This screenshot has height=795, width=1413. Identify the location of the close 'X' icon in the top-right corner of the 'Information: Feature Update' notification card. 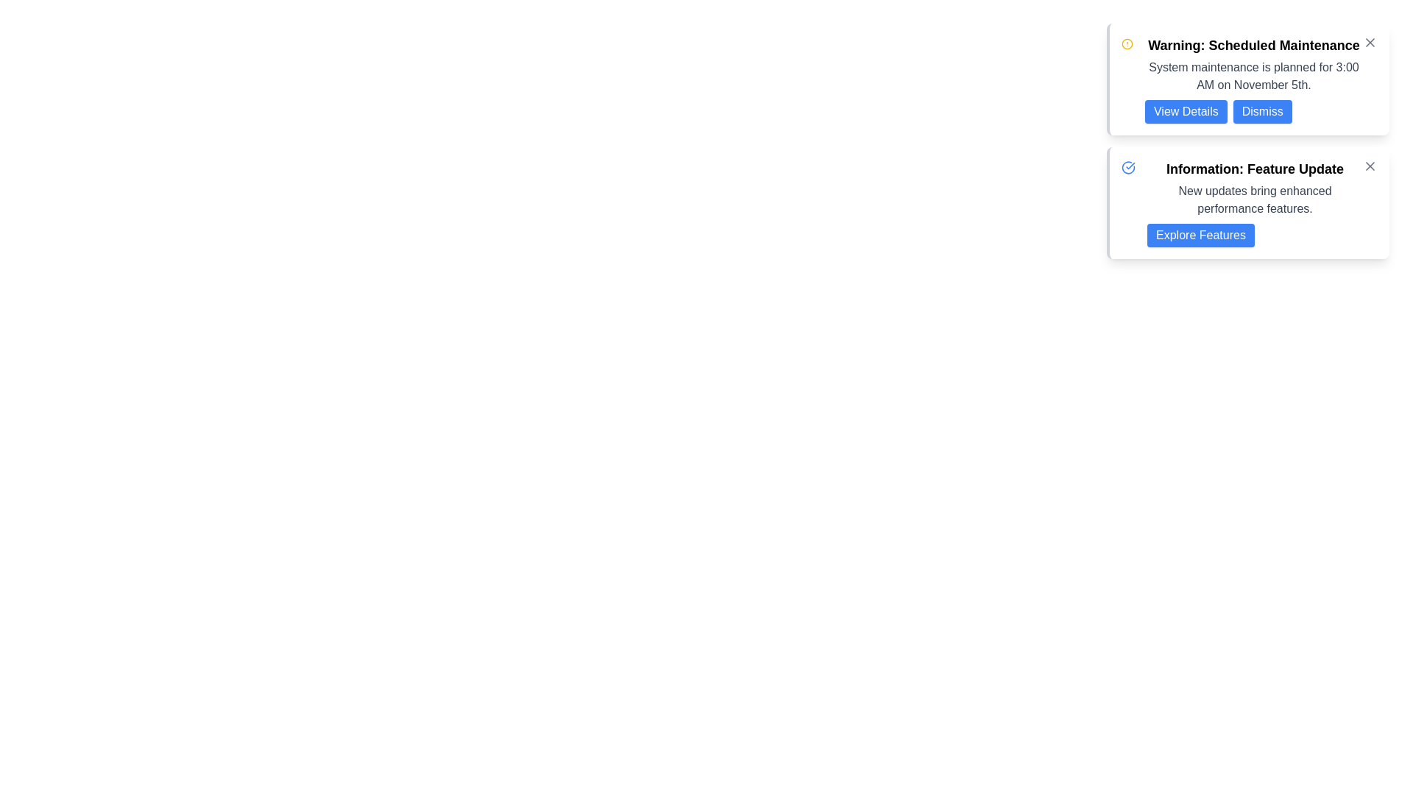
(1370, 166).